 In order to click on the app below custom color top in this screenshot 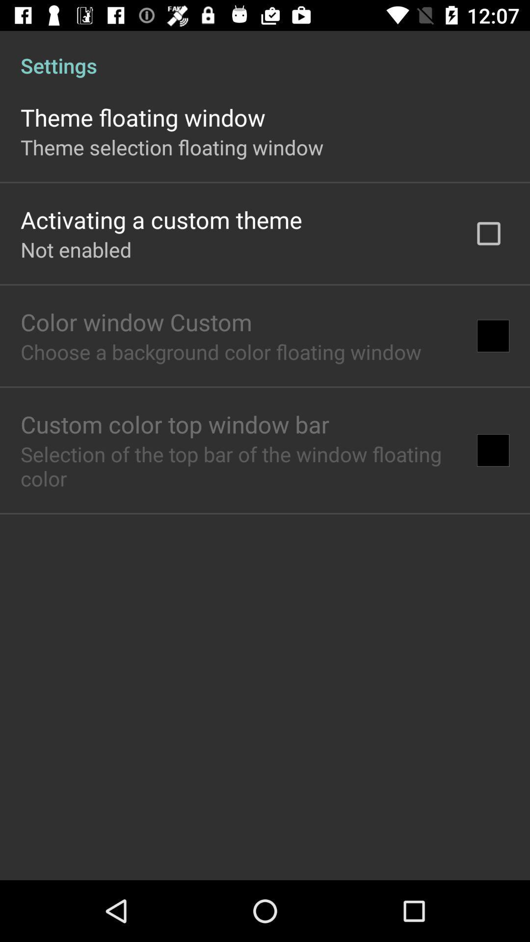, I will do `click(238, 466)`.